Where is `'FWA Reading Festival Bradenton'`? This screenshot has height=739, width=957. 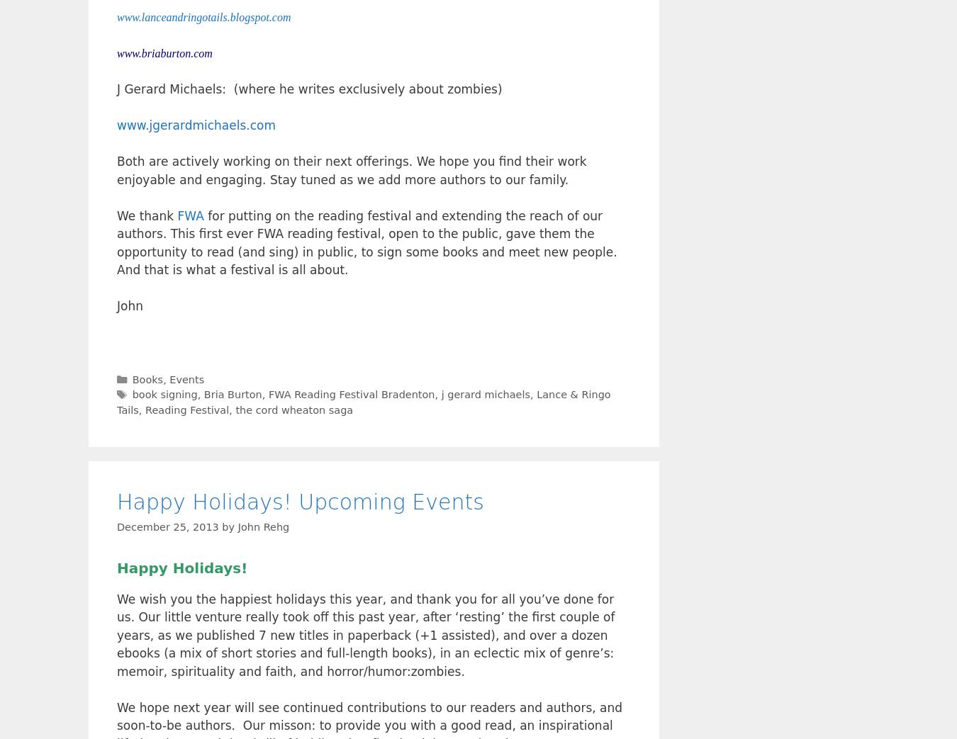
'FWA Reading Festival Bradenton' is located at coordinates (350, 394).